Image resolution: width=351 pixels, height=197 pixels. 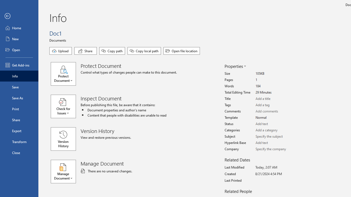 What do you see at coordinates (19, 86) in the screenshot?
I see `'Save'` at bounding box center [19, 86].